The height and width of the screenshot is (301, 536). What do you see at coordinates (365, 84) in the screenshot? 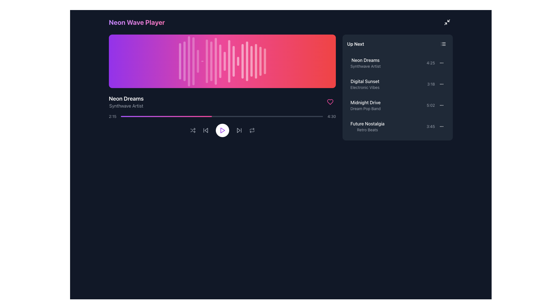
I see `the 'Digital Sunset' song listing text label` at bounding box center [365, 84].